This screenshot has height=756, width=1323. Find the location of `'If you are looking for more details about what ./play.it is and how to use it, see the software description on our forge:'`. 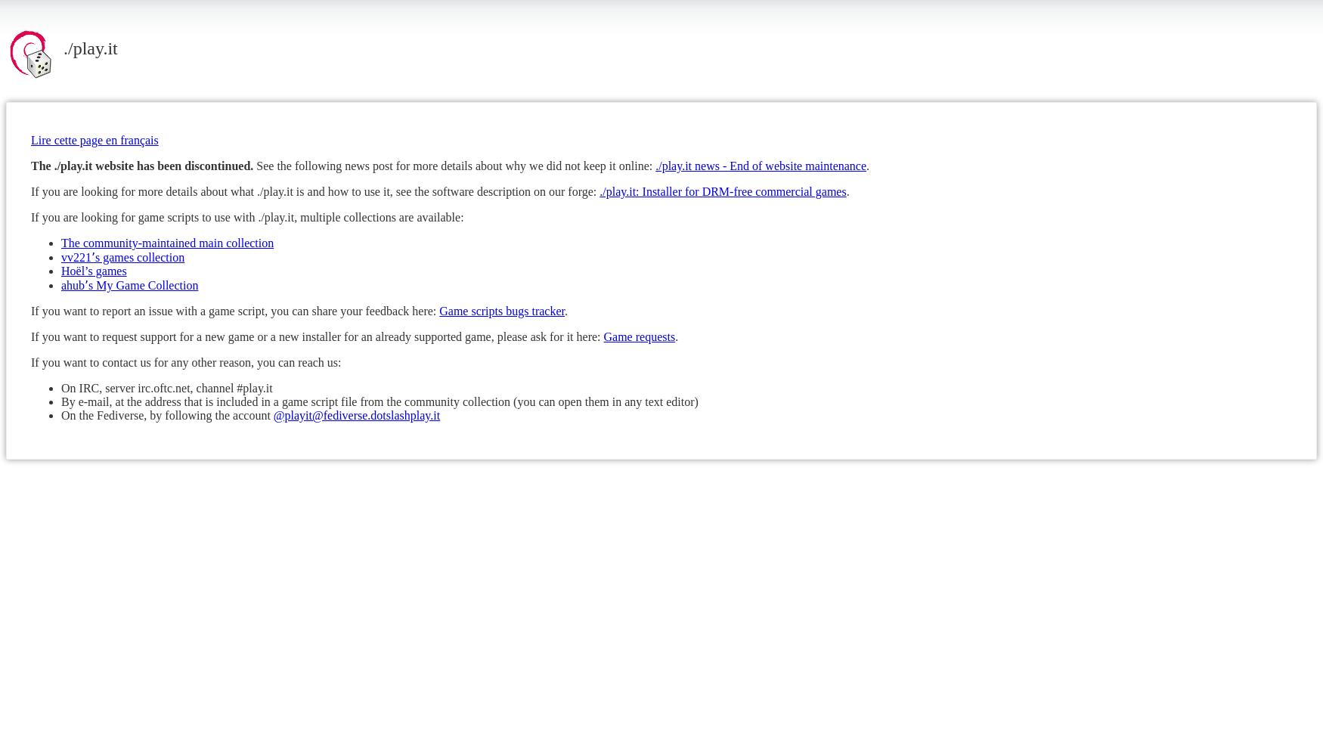

'If you are looking for more details about what ./play.it is and how to use it, see the software description on our forge:' is located at coordinates (314, 191).